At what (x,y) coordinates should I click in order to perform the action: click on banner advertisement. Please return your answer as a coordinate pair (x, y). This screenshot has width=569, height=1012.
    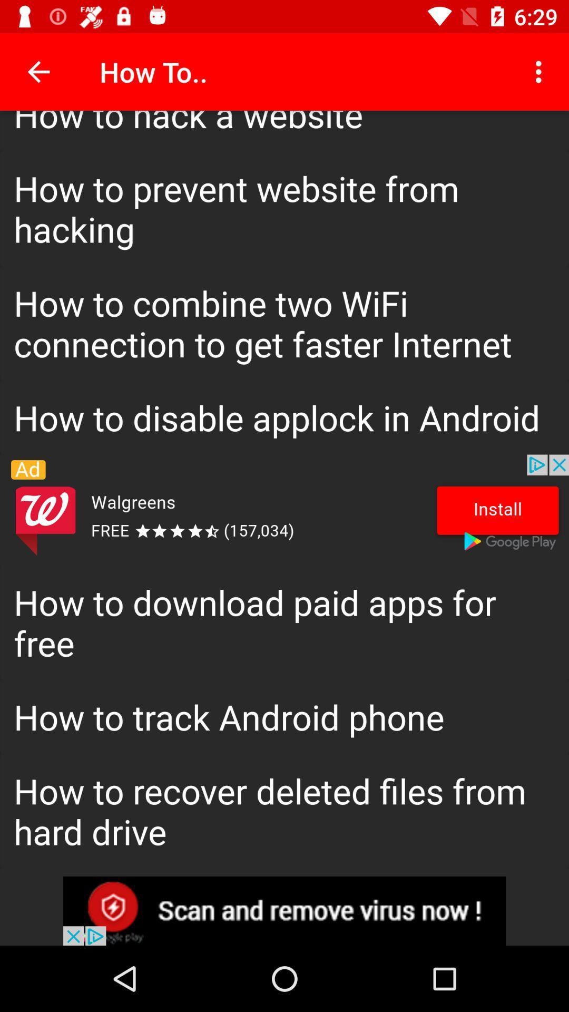
    Looking at the image, I should click on (284, 510).